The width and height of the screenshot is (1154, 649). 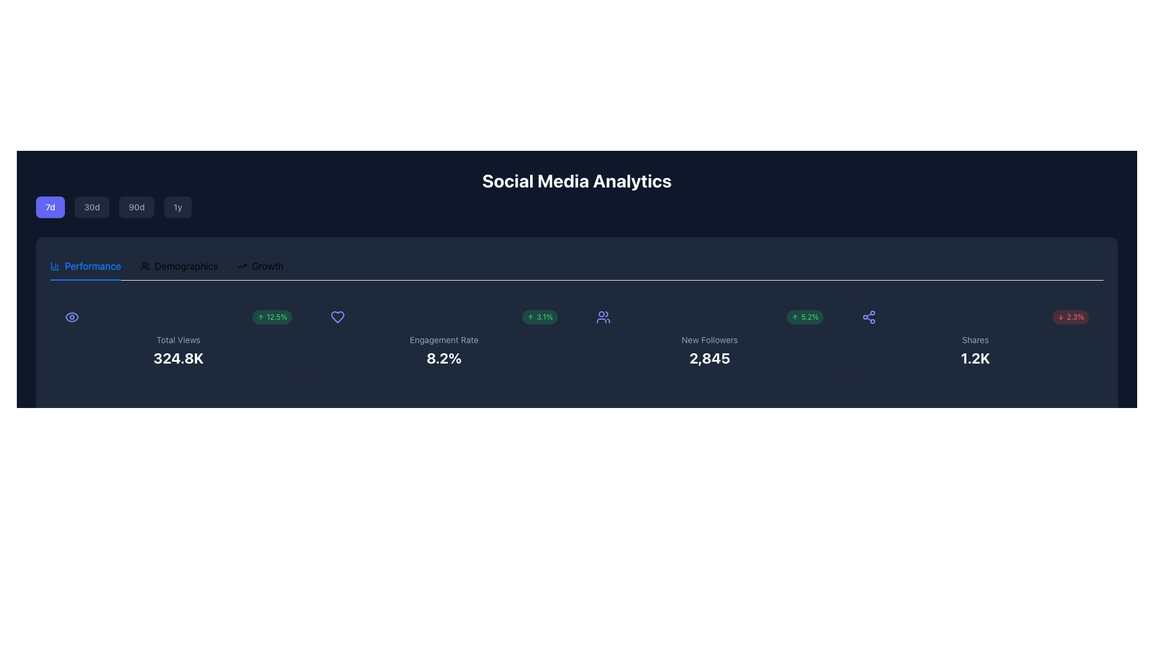 What do you see at coordinates (260, 266) in the screenshot?
I see `the 'Growth' tab button, which features a trending-upwards arrow icon on the left and is the third tab in a horizontal list` at bounding box center [260, 266].